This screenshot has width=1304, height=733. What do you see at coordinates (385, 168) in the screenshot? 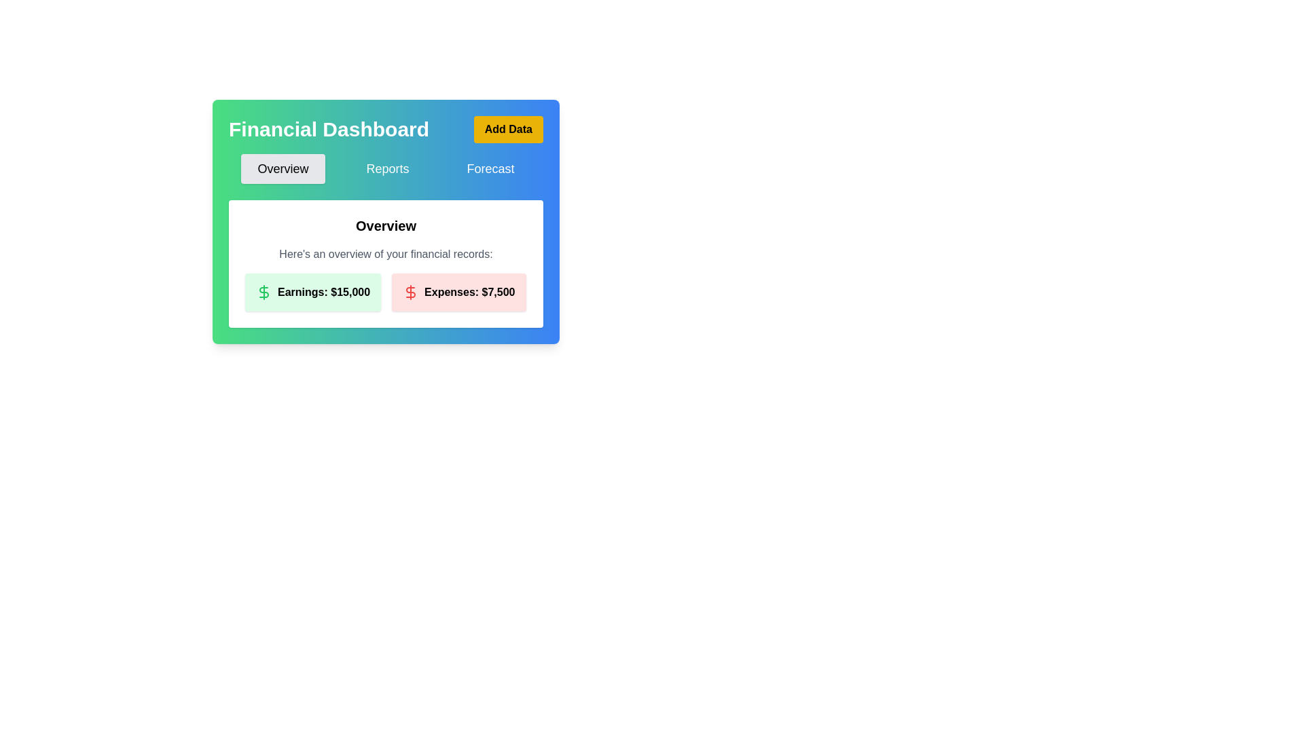
I see `the individual tab in the Tab navigation bar` at bounding box center [385, 168].